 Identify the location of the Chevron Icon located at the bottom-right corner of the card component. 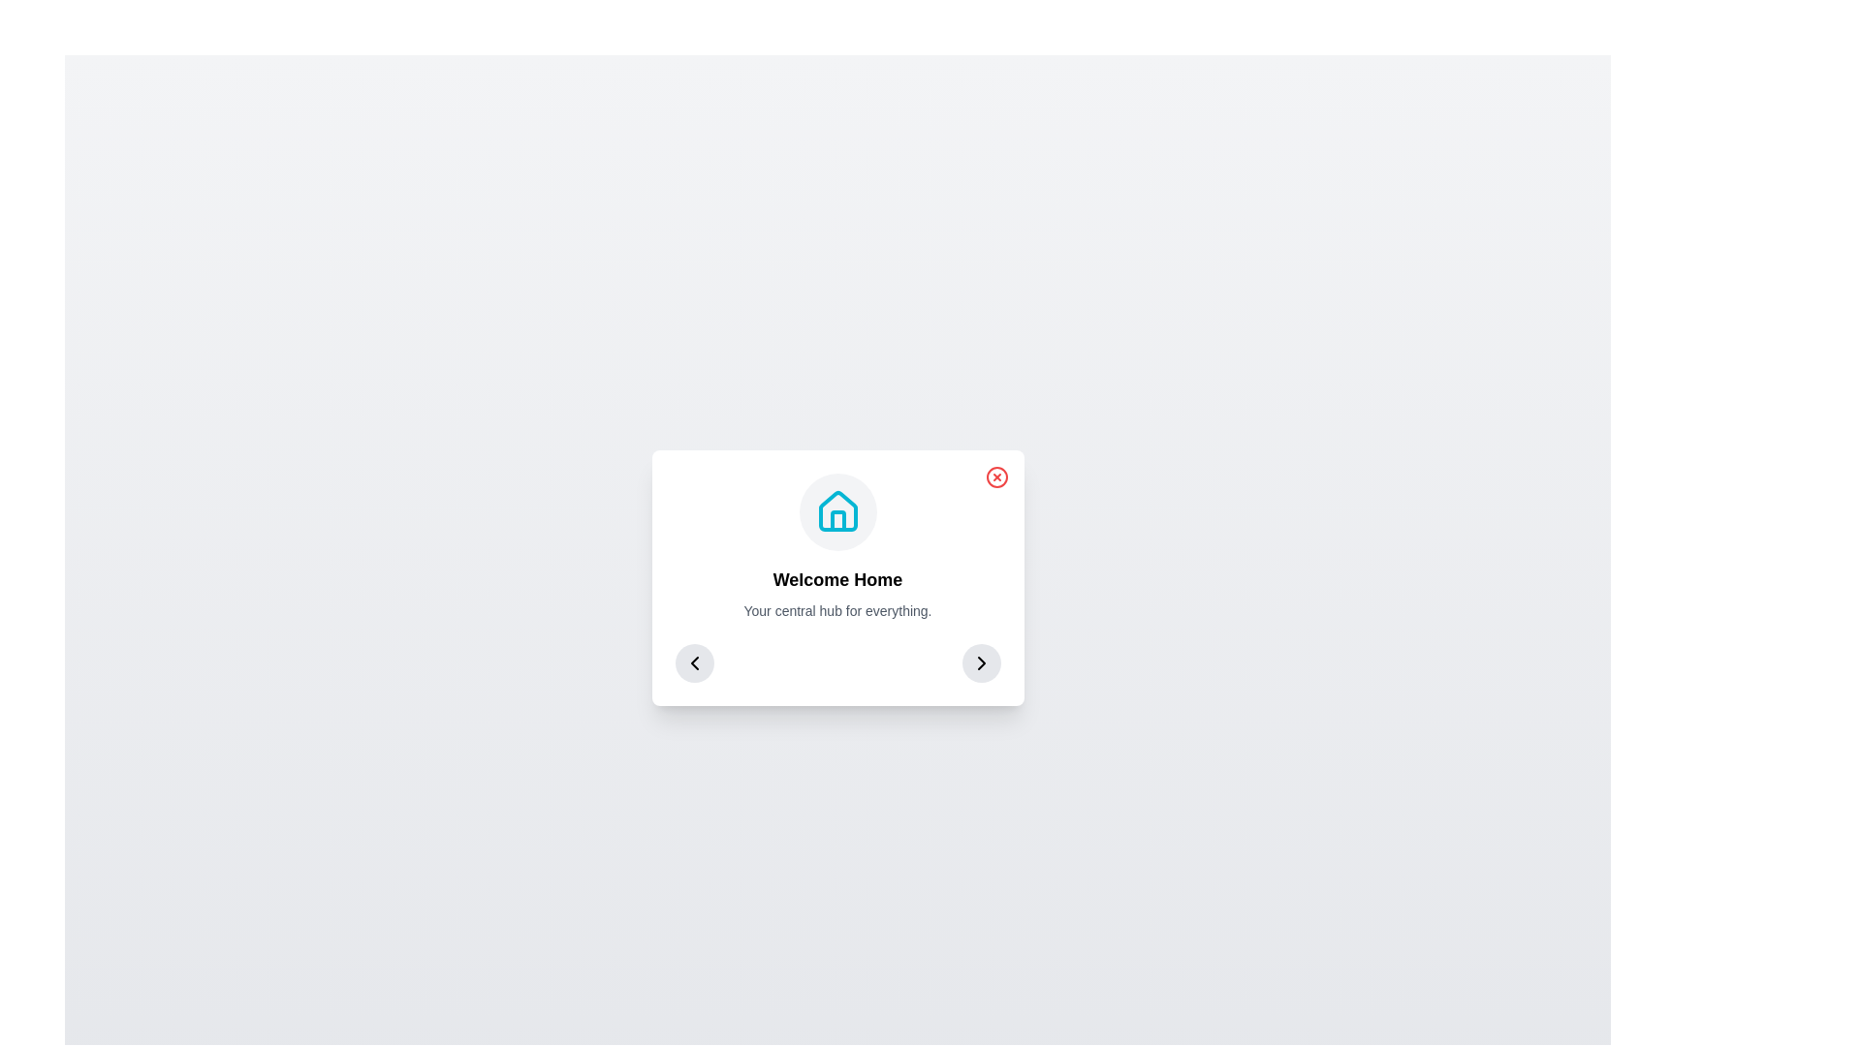
(981, 662).